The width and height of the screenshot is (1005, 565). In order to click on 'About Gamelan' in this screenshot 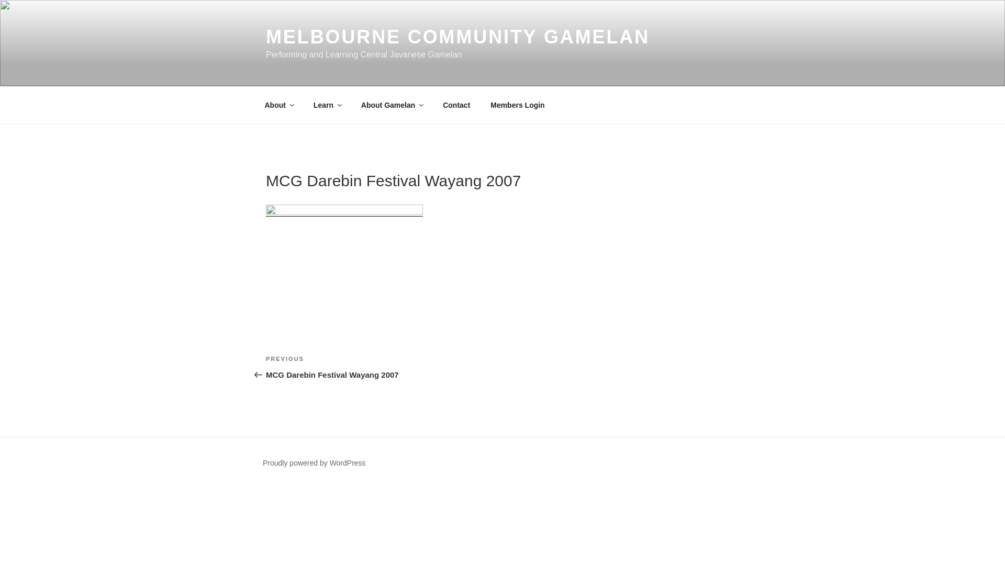, I will do `click(352, 105)`.